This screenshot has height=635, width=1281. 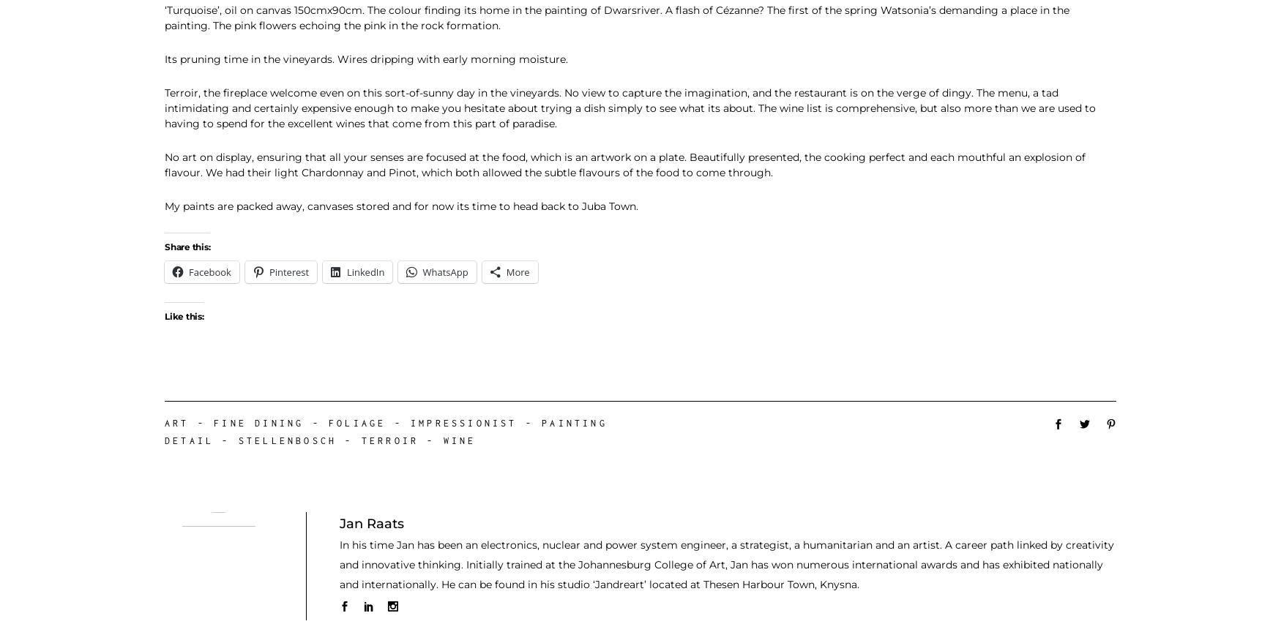 I want to click on 'More', so click(x=518, y=272).